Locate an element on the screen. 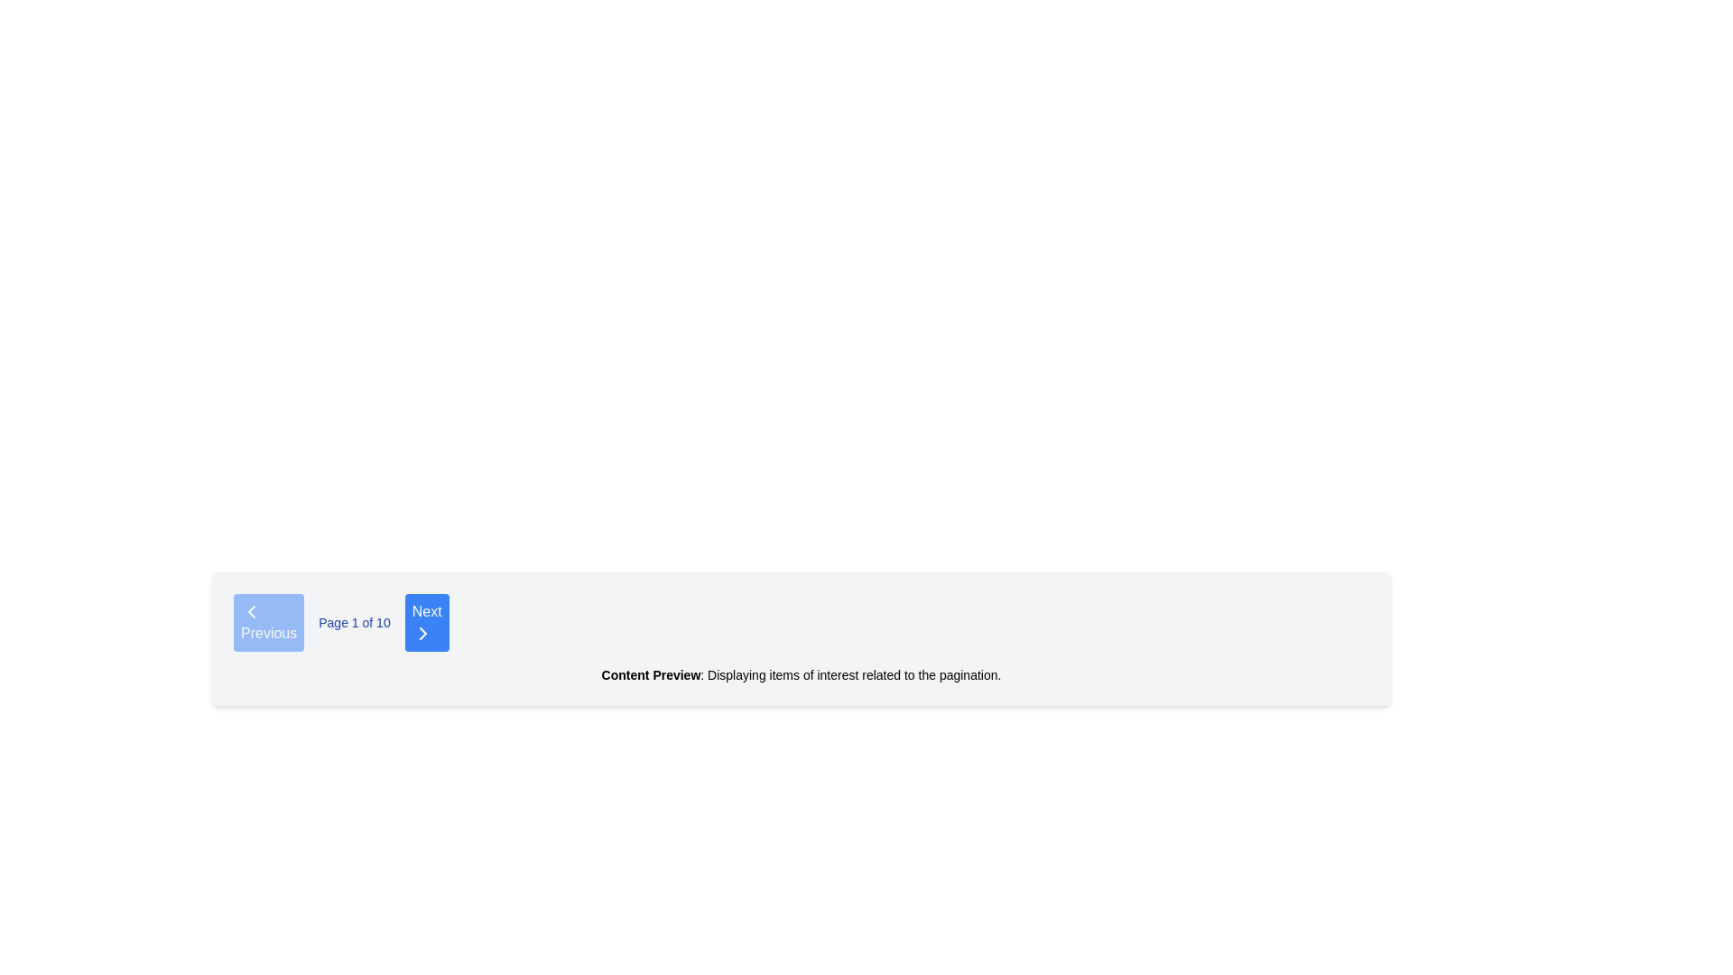 This screenshot has height=975, width=1733. the text element displaying the current page number in the pagination navigation bar, located centrally between the 'Previous' and 'Next' buttons is located at coordinates (355, 622).